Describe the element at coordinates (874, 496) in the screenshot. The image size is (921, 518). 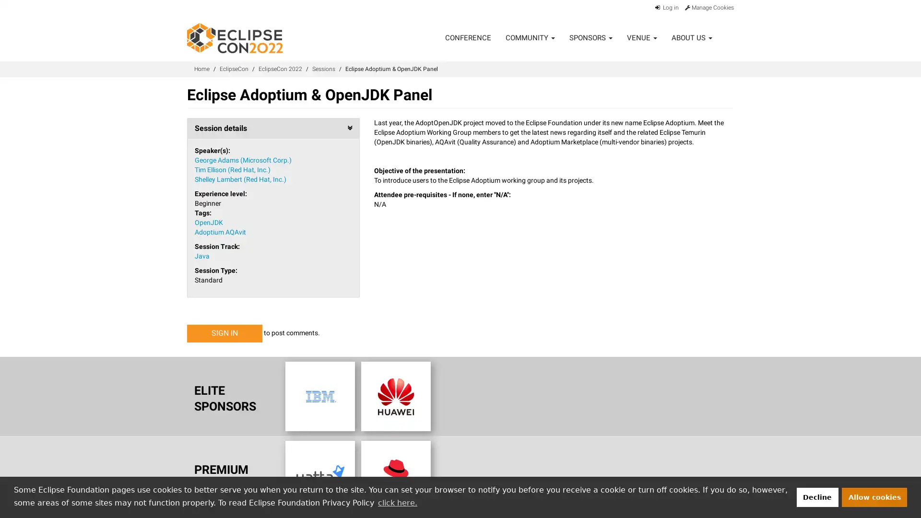
I see `allow cookies` at that location.